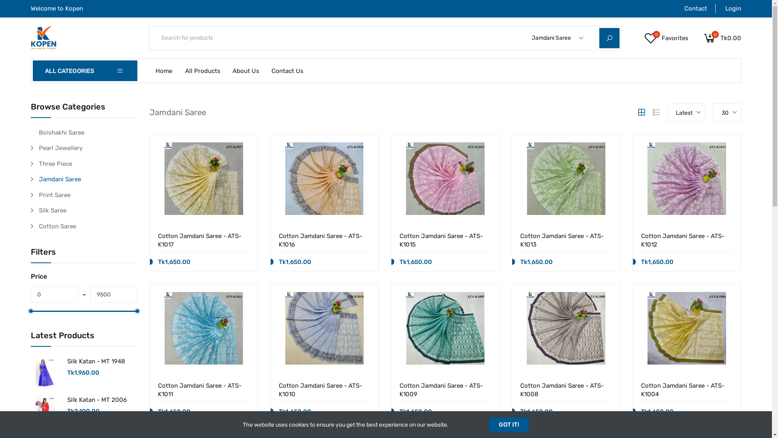 The height and width of the screenshot is (438, 778). What do you see at coordinates (728, 9) in the screenshot?
I see `'Login'` at bounding box center [728, 9].